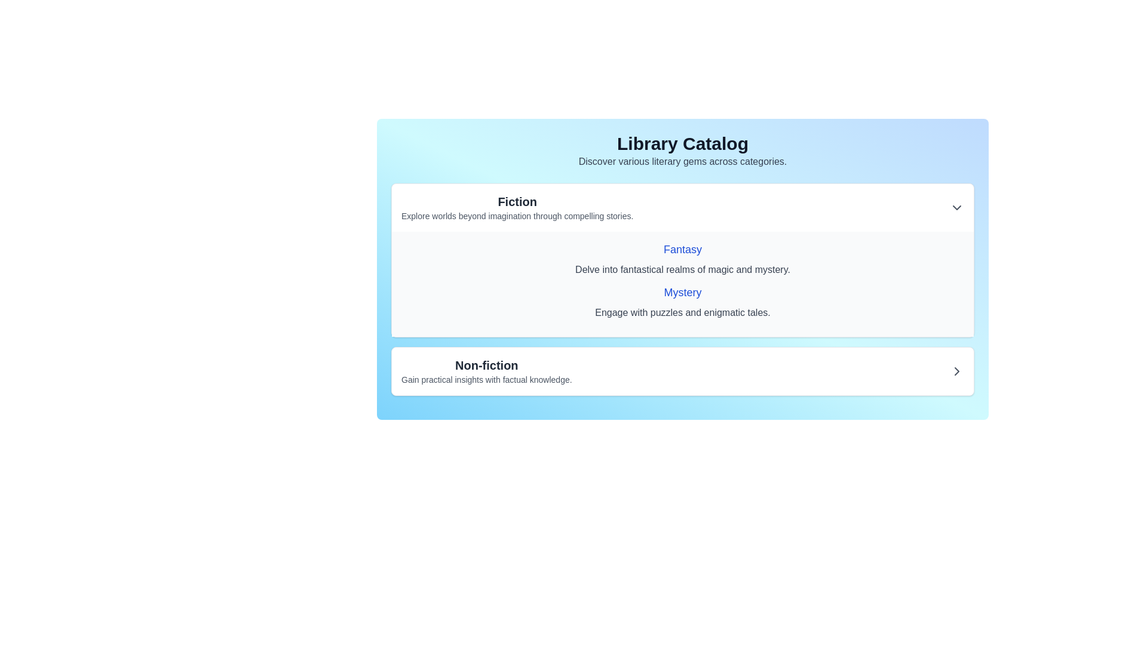  I want to click on the static text label providing descriptive information for the 'Non-fiction' category, located directly below the 'Non-fiction' title, so click(486, 380).